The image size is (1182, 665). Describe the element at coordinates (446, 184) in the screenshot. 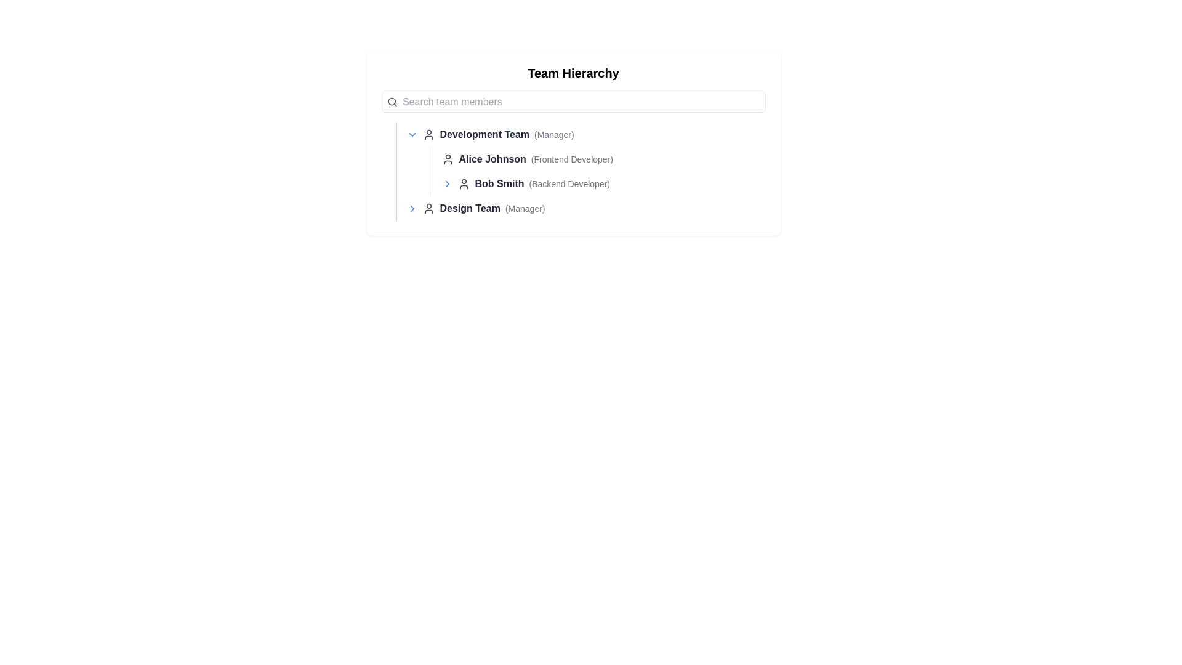

I see `the Chevron icon next to 'Design Team'` at that location.